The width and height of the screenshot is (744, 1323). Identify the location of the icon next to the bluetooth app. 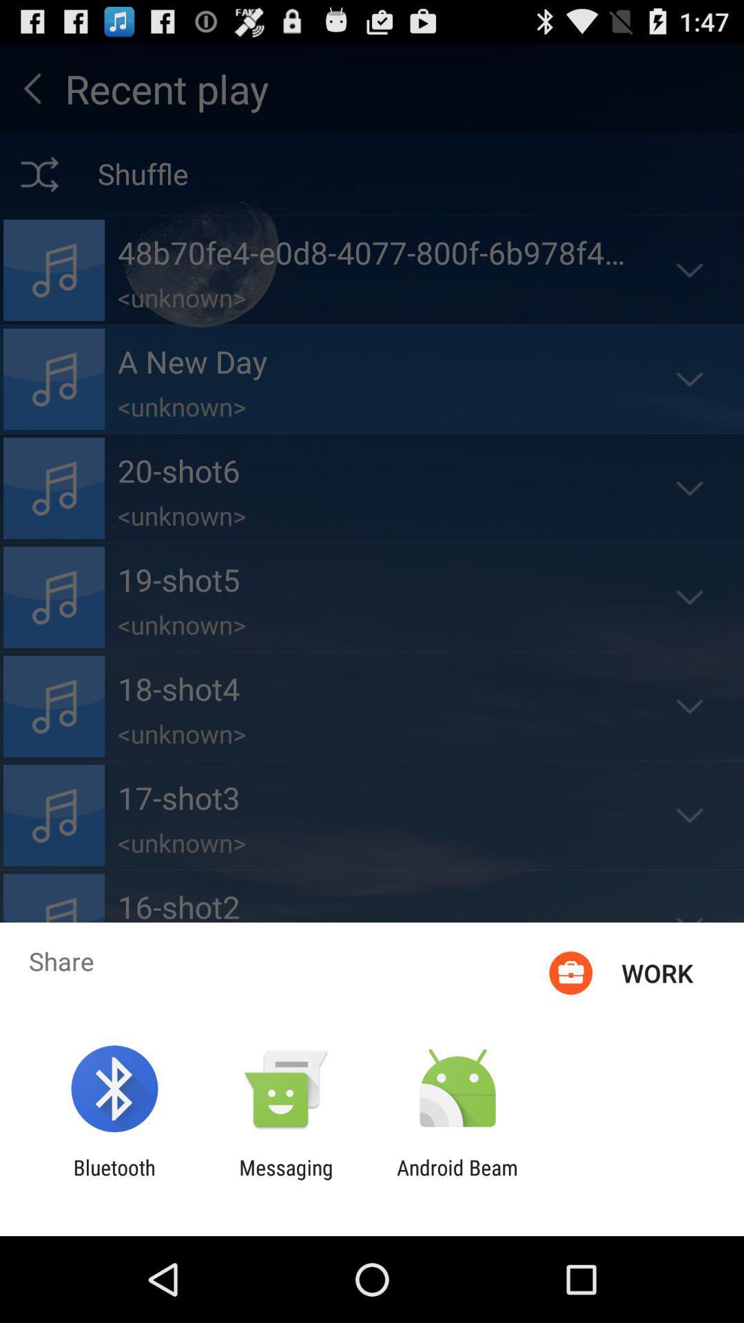
(285, 1179).